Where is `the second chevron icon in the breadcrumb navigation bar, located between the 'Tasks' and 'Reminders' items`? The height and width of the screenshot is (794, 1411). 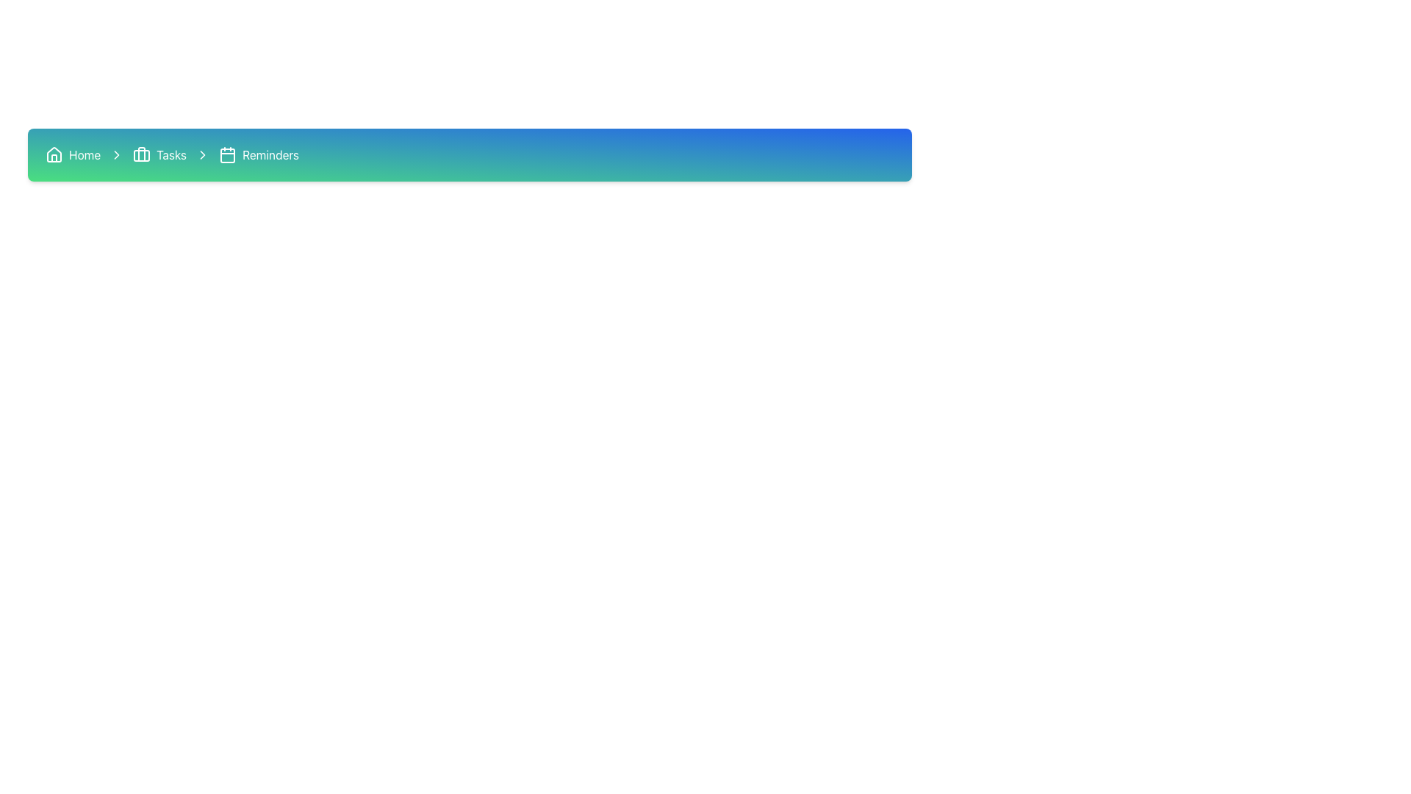 the second chevron icon in the breadcrumb navigation bar, located between the 'Tasks' and 'Reminders' items is located at coordinates (202, 155).